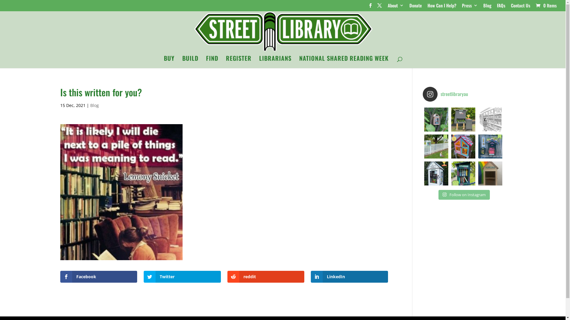 The image size is (570, 320). I want to click on 'BUILD', so click(190, 62).